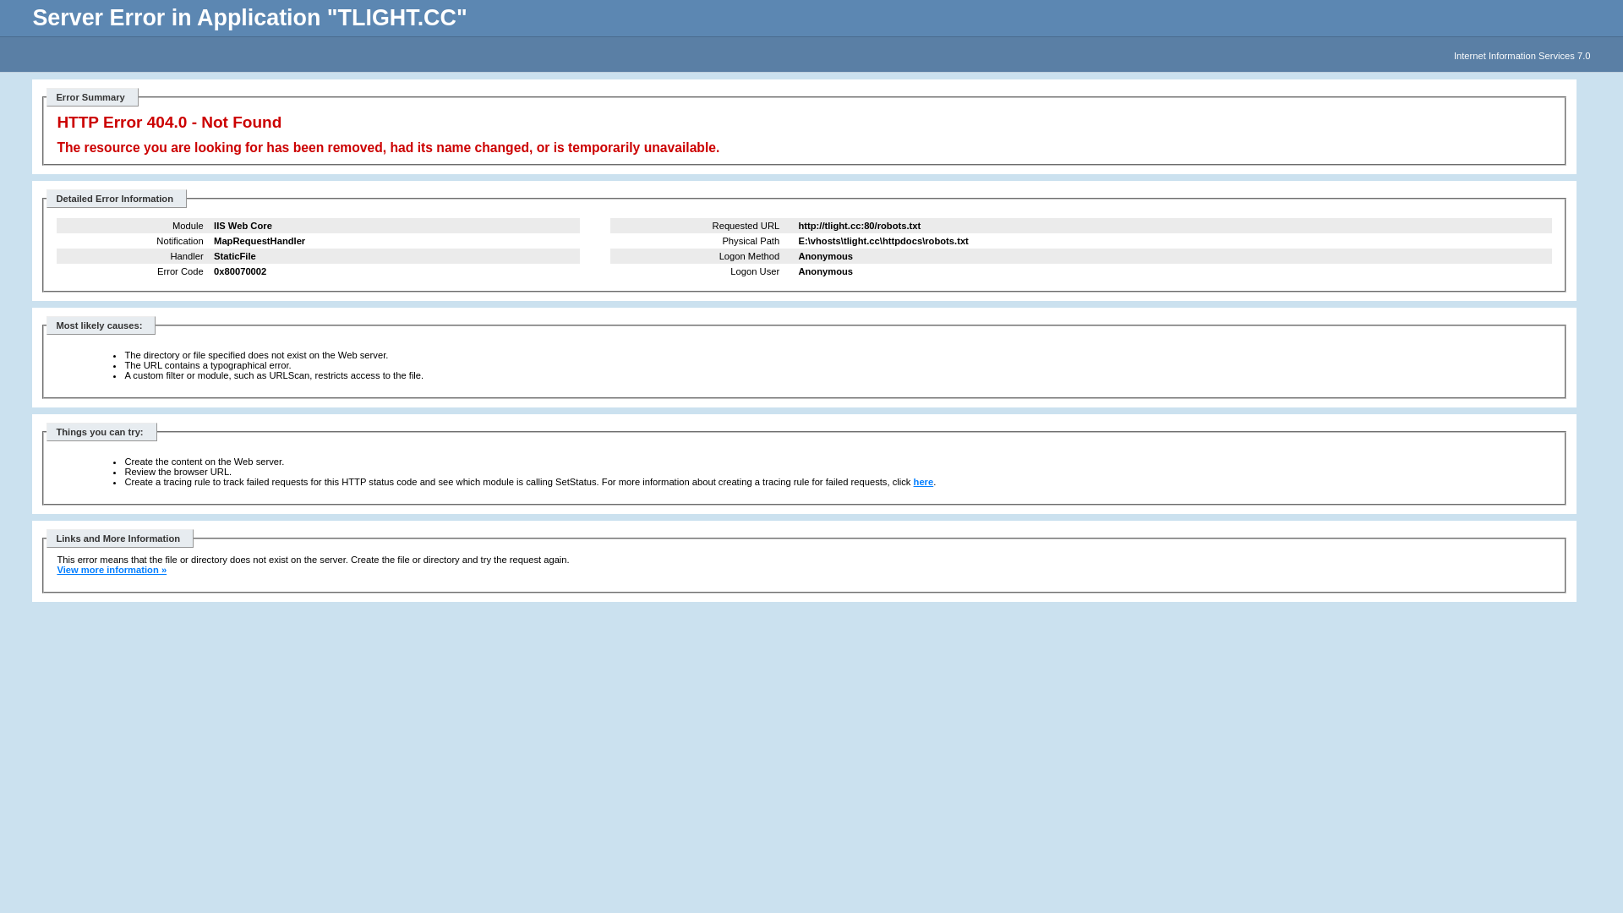 The height and width of the screenshot is (913, 1623). Describe the element at coordinates (923, 482) in the screenshot. I see `'here'` at that location.